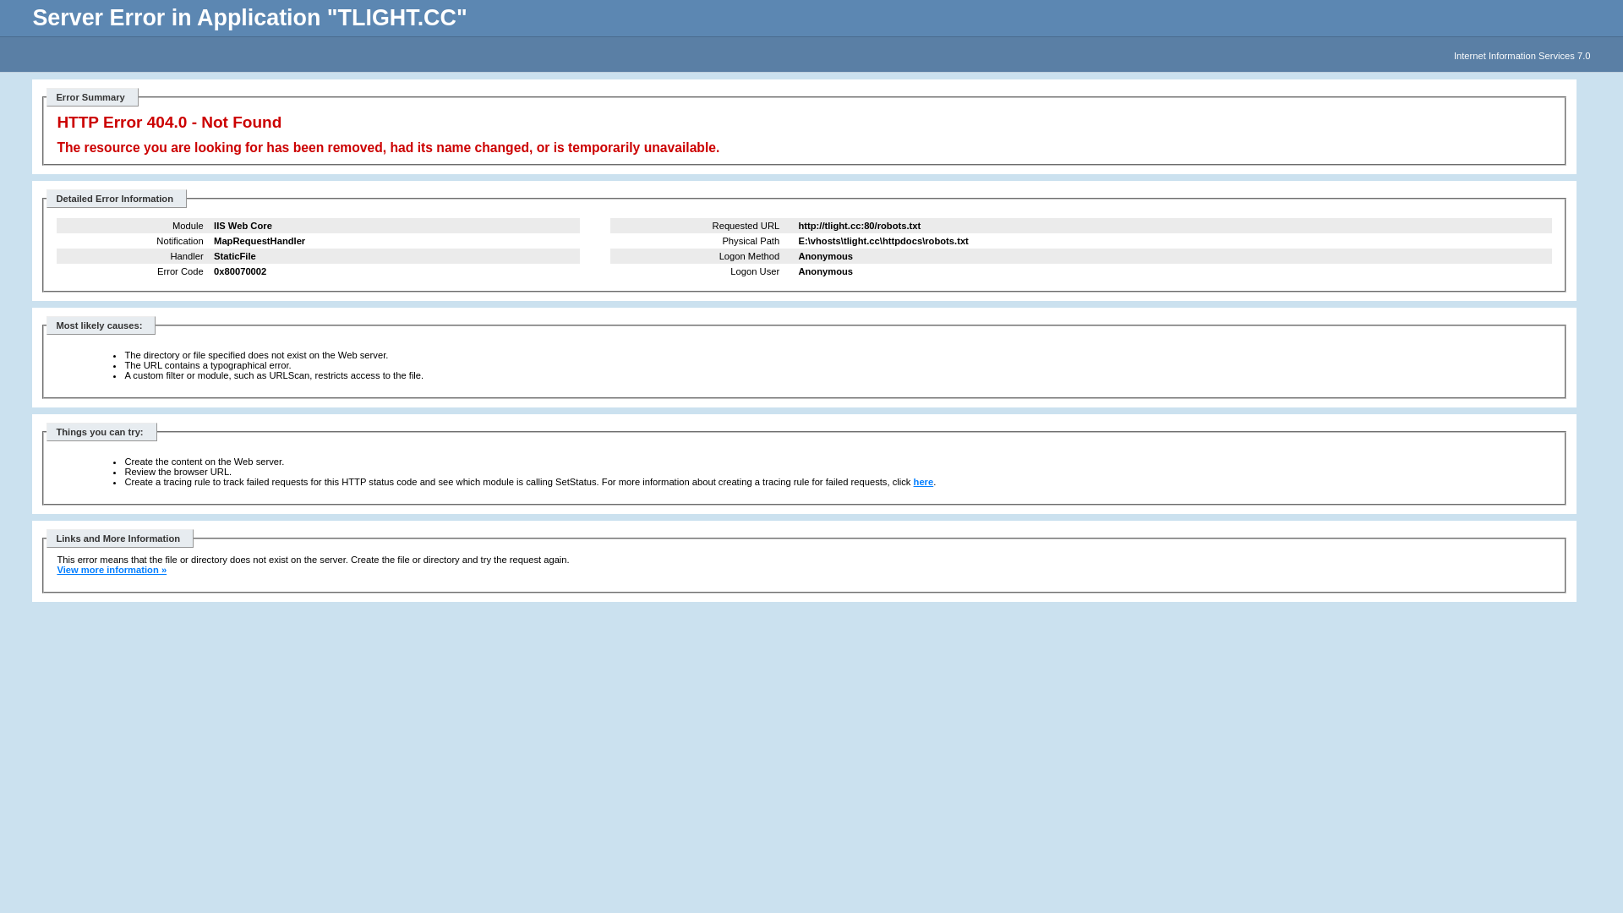 The height and width of the screenshot is (913, 1623). Describe the element at coordinates (923, 482) in the screenshot. I see `'here'` at that location.